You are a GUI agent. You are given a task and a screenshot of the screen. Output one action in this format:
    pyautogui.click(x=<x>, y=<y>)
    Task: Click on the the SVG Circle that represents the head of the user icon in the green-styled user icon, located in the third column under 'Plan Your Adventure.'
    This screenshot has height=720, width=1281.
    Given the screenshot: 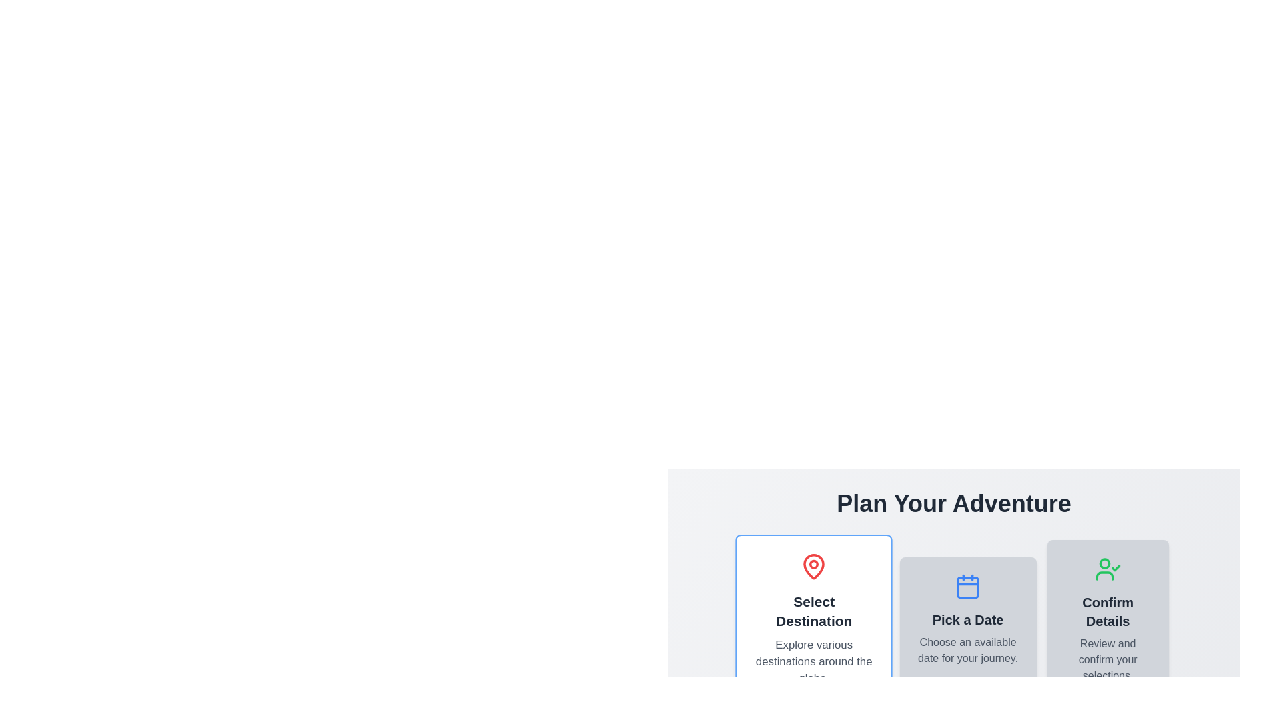 What is the action you would take?
    pyautogui.click(x=1104, y=563)
    